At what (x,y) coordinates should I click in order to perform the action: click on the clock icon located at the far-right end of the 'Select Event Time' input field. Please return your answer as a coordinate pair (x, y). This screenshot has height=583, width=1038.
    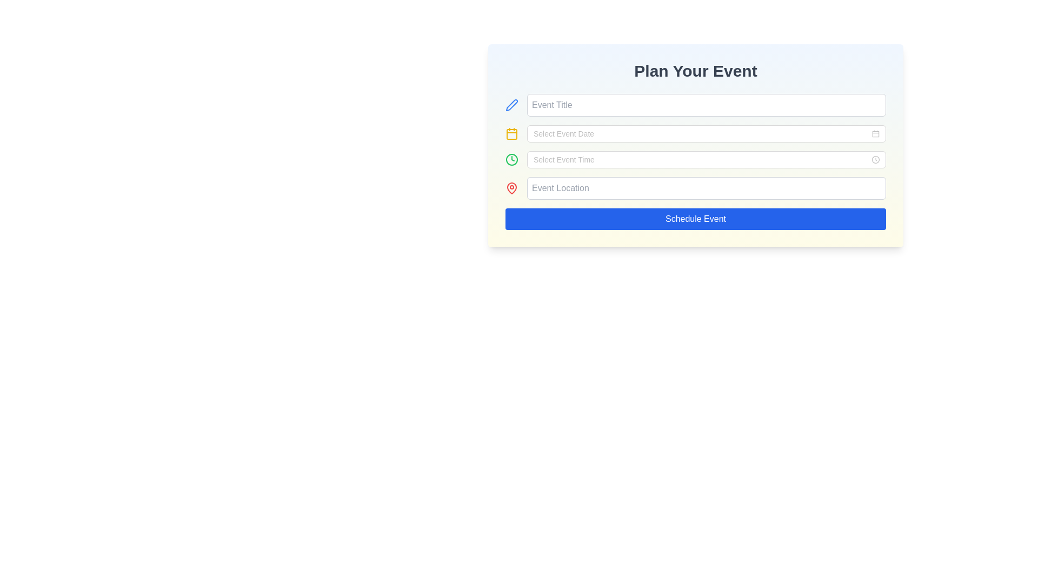
    Looking at the image, I should click on (876, 160).